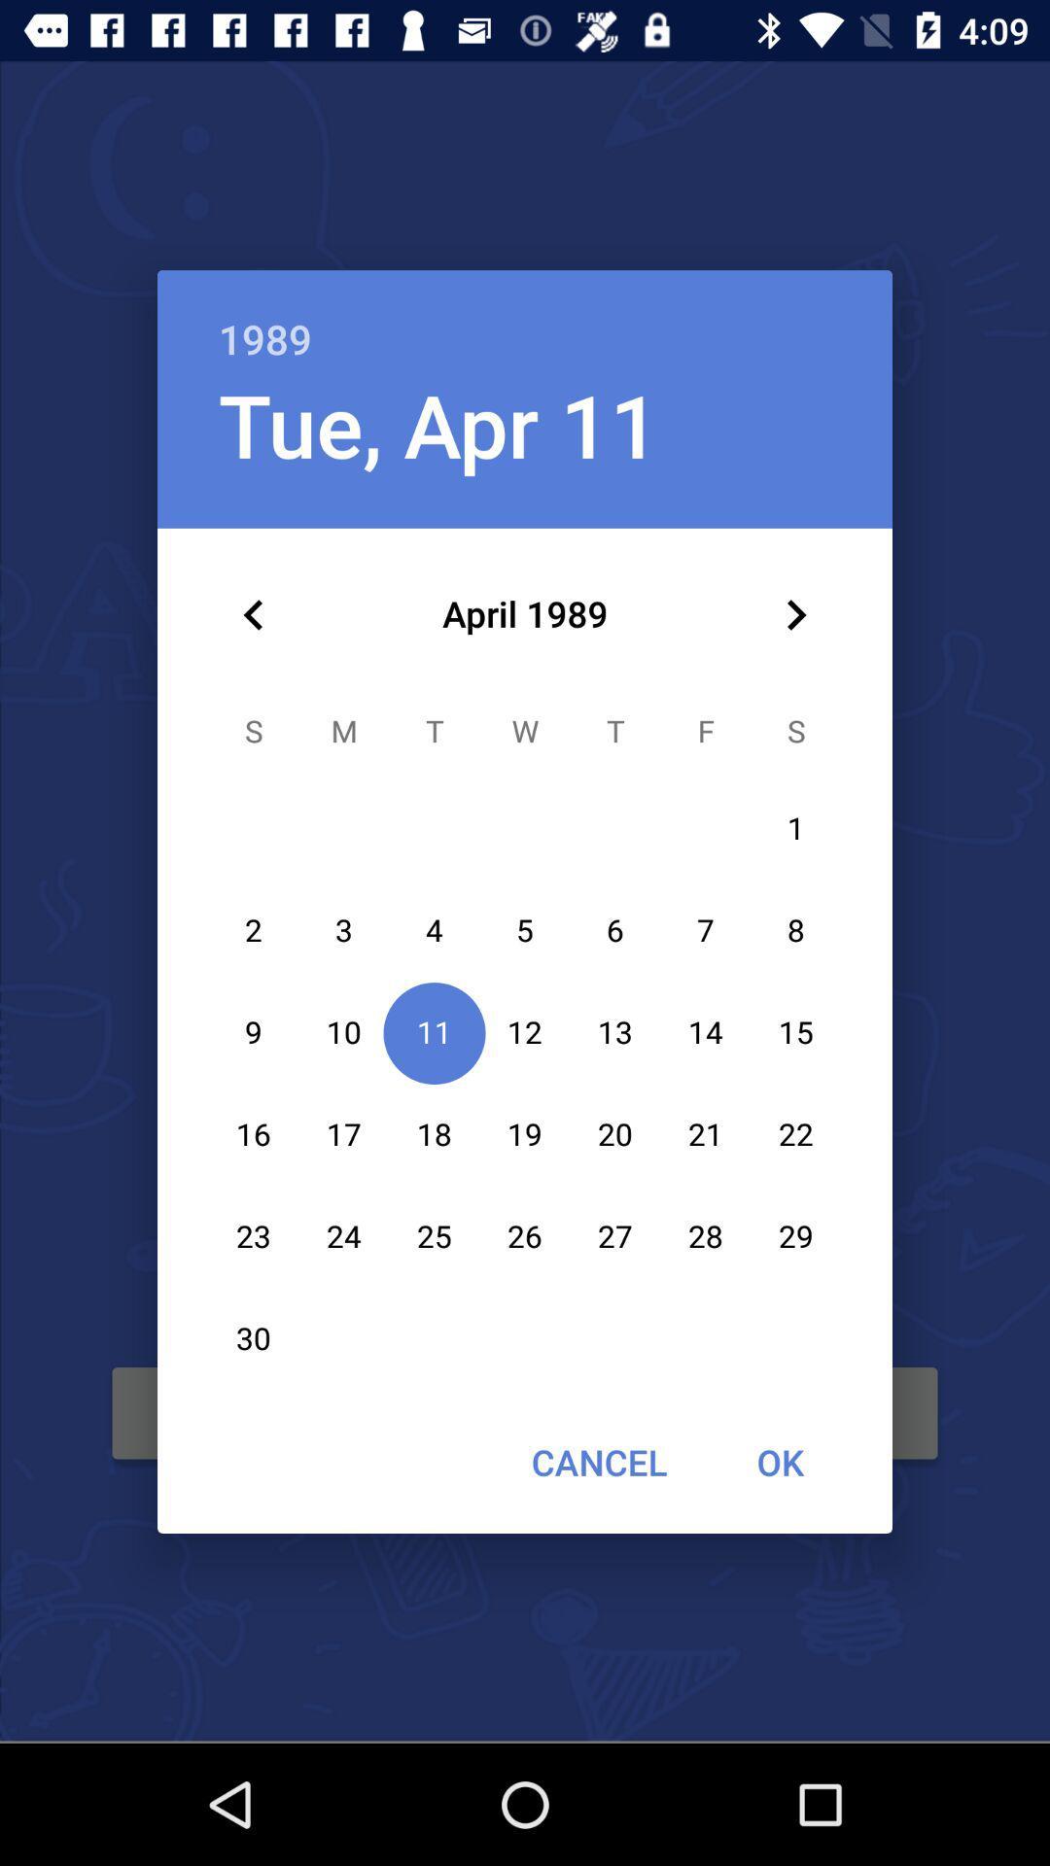 Image resolution: width=1050 pixels, height=1866 pixels. What do you see at coordinates (795, 614) in the screenshot?
I see `the icon at the top right corner` at bounding box center [795, 614].